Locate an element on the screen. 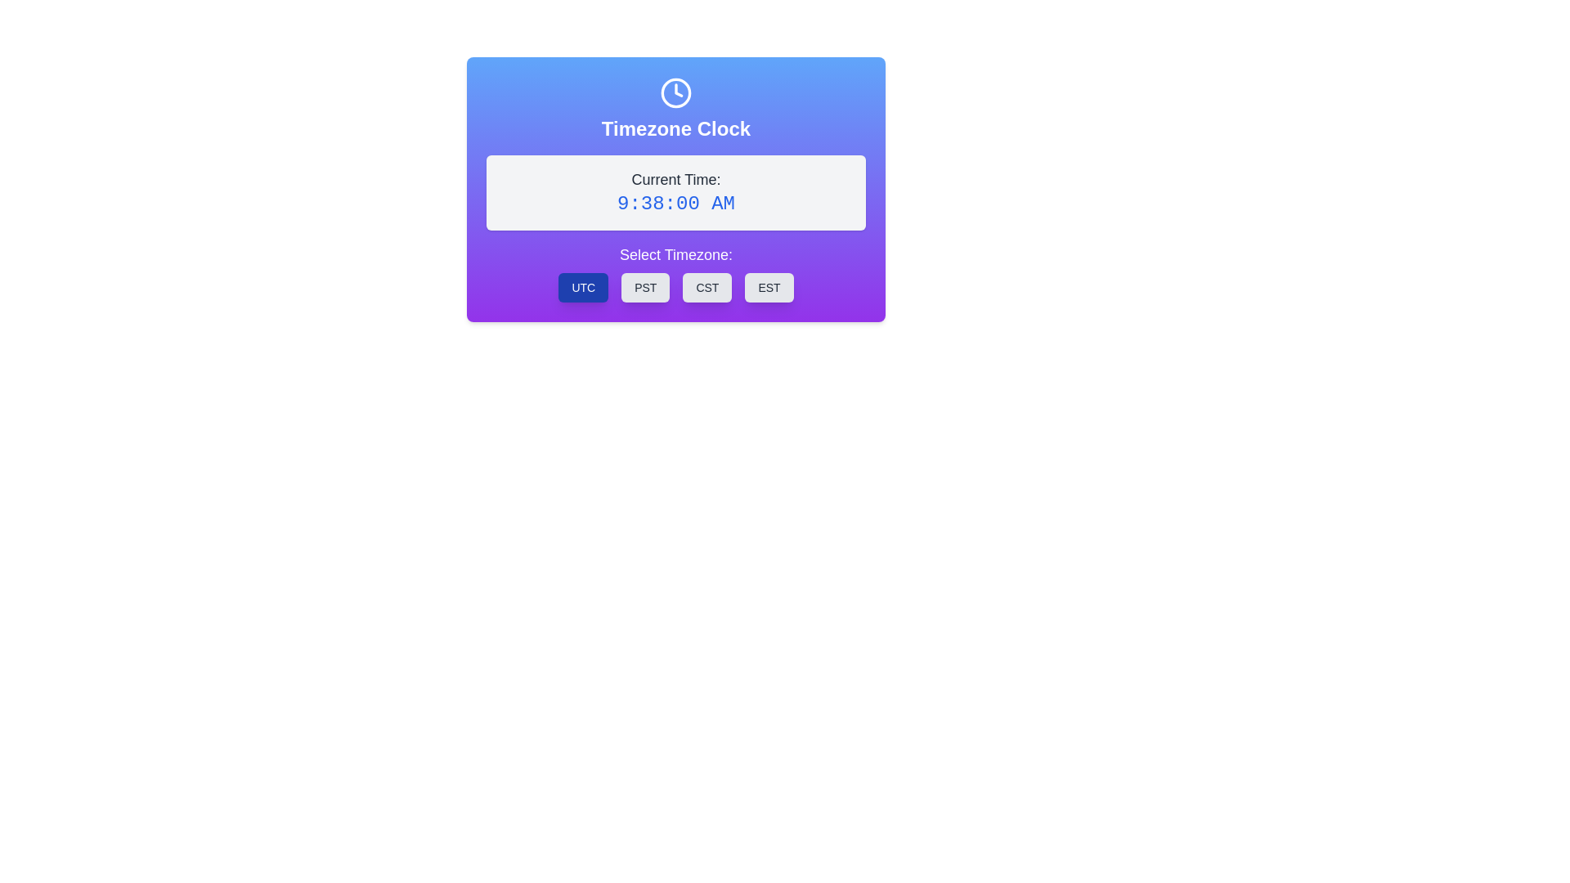  the SVG circle graphic component that represents the clock face, located at the top-center of the panel above the 'Timezone Clock' text is located at coordinates (675, 93).